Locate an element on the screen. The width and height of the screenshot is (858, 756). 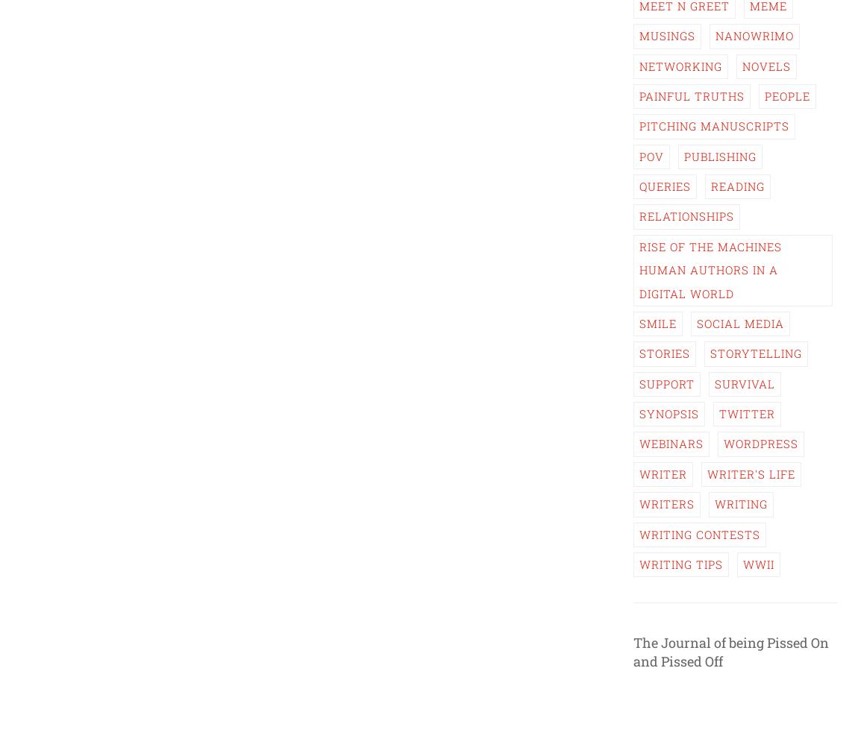
'WWII' is located at coordinates (758, 563).